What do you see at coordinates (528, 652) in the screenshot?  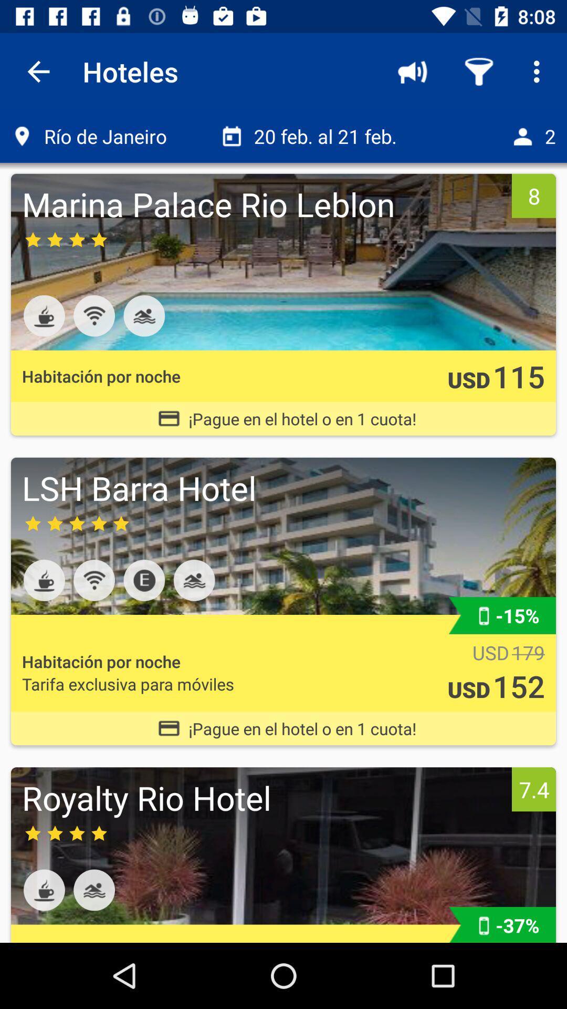 I see `the icon next to the usd` at bounding box center [528, 652].